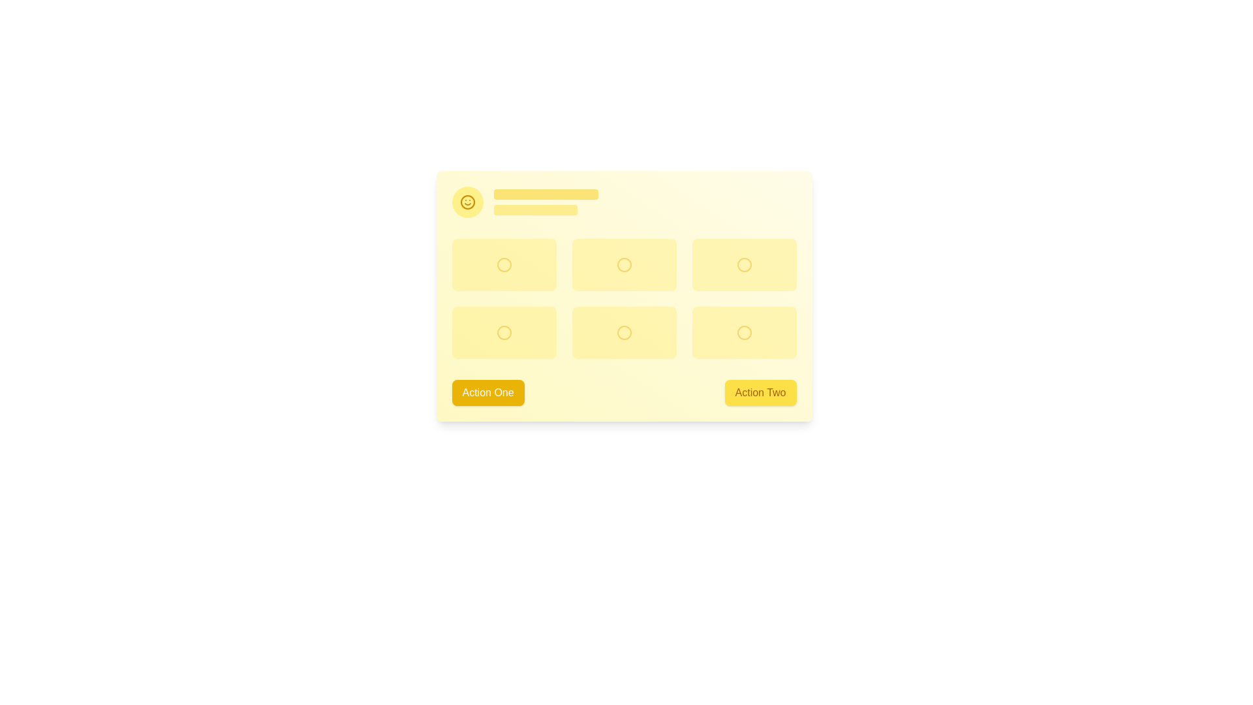 This screenshot has width=1253, height=705. I want to click on the small circular yellow icon with a smiley face located at the upper-left corner of the interface, so click(467, 202).